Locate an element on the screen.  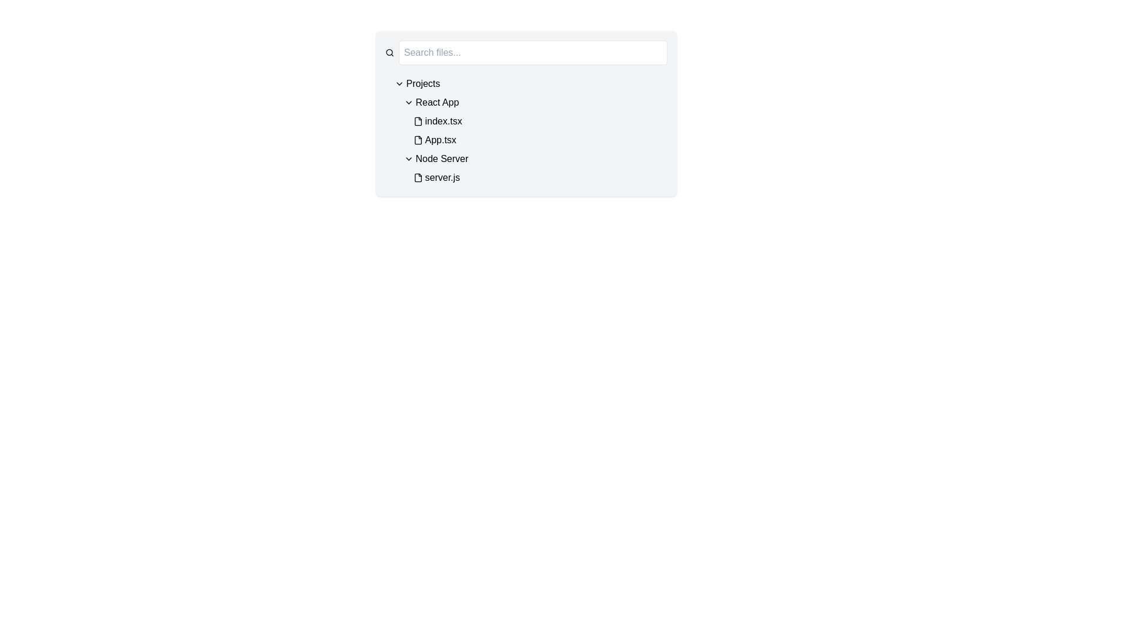
the SVG file icon with a black stroke, located to the left of the 'App.tsx' text label is located at coordinates (418, 140).